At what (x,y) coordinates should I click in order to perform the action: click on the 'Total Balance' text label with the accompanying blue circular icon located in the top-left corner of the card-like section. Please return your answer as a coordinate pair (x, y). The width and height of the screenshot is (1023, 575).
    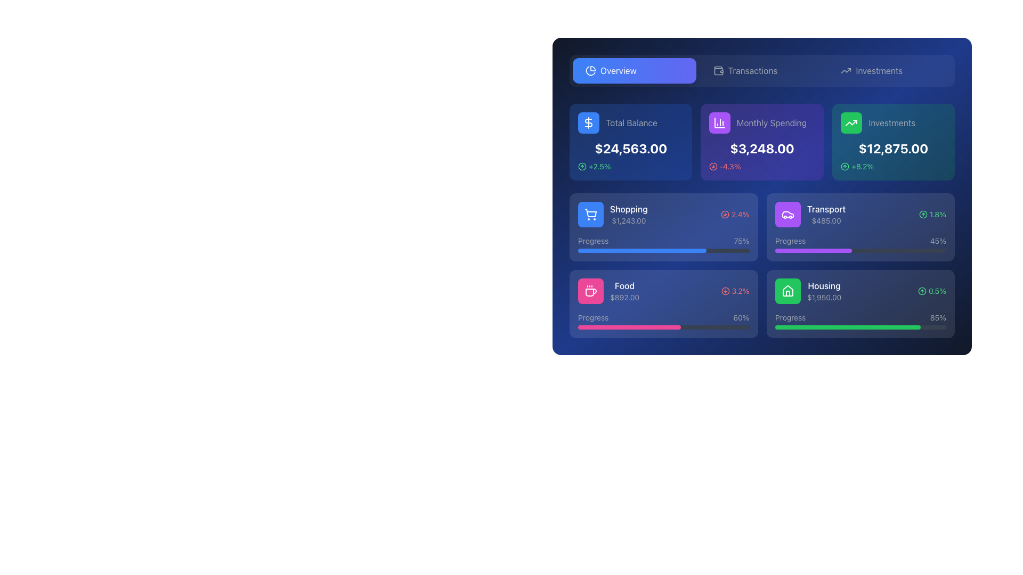
    Looking at the image, I should click on (631, 122).